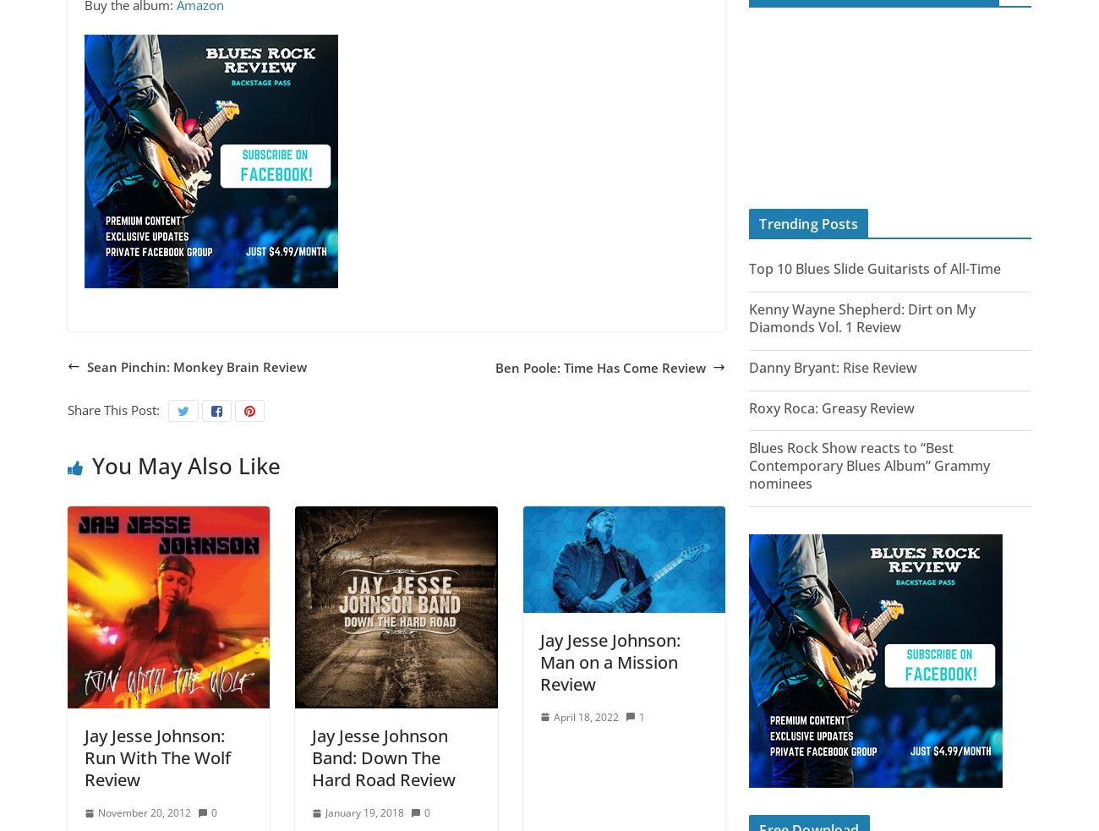 The height and width of the screenshot is (831, 1099). I want to click on 'Ben Poole: Time Has Come Review', so click(600, 365).